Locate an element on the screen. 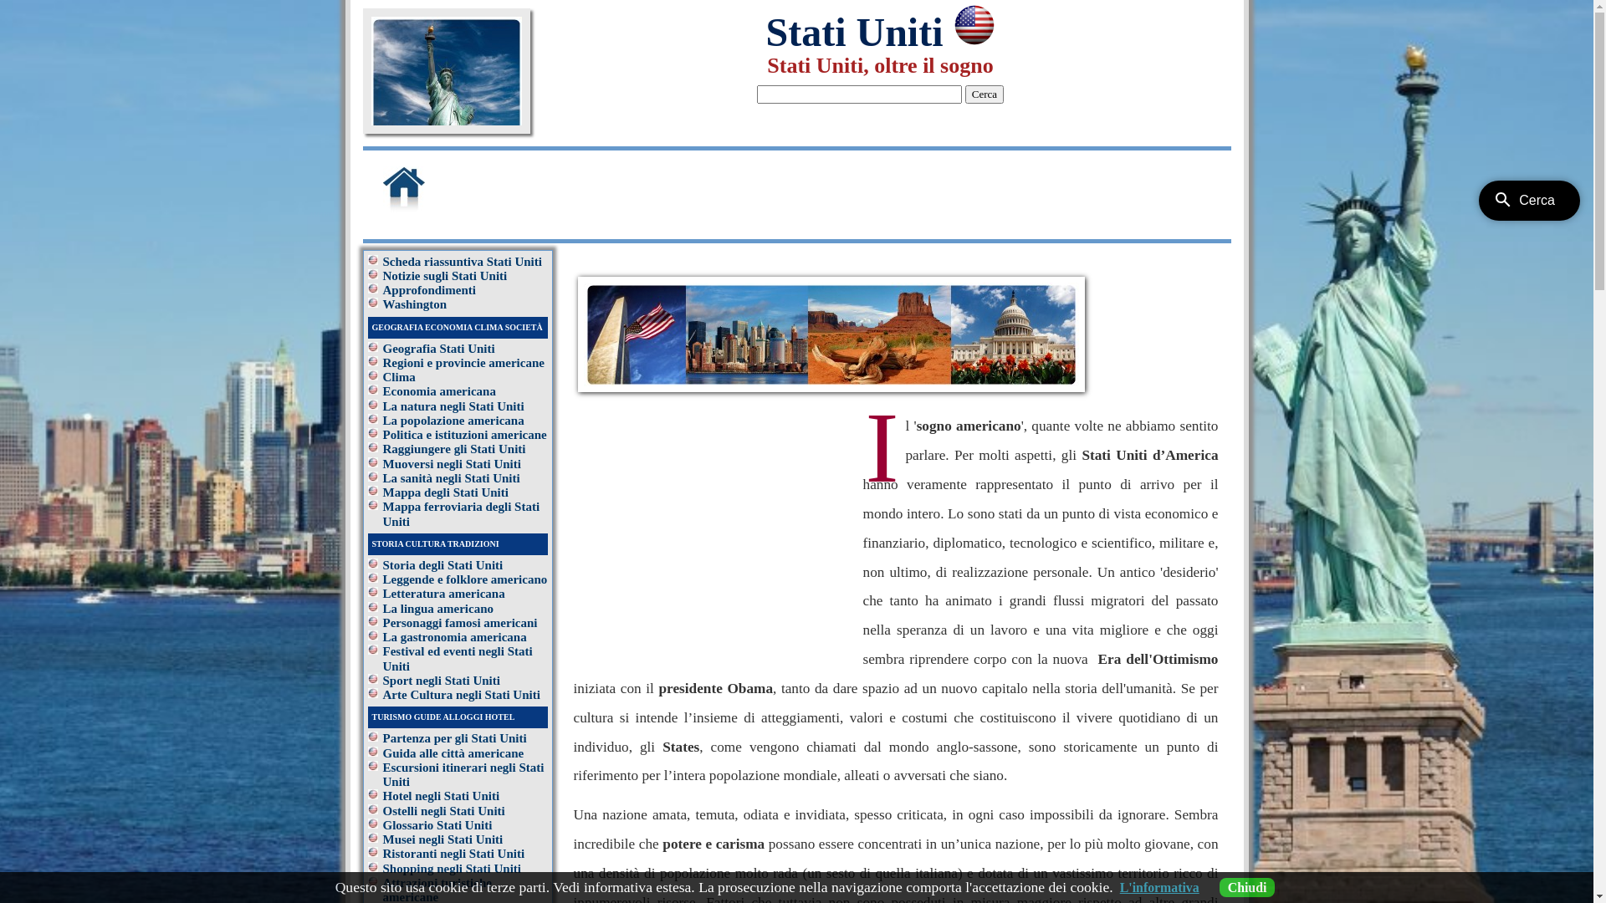  'Notizie sugli Stati Uniti' is located at coordinates (381, 275).